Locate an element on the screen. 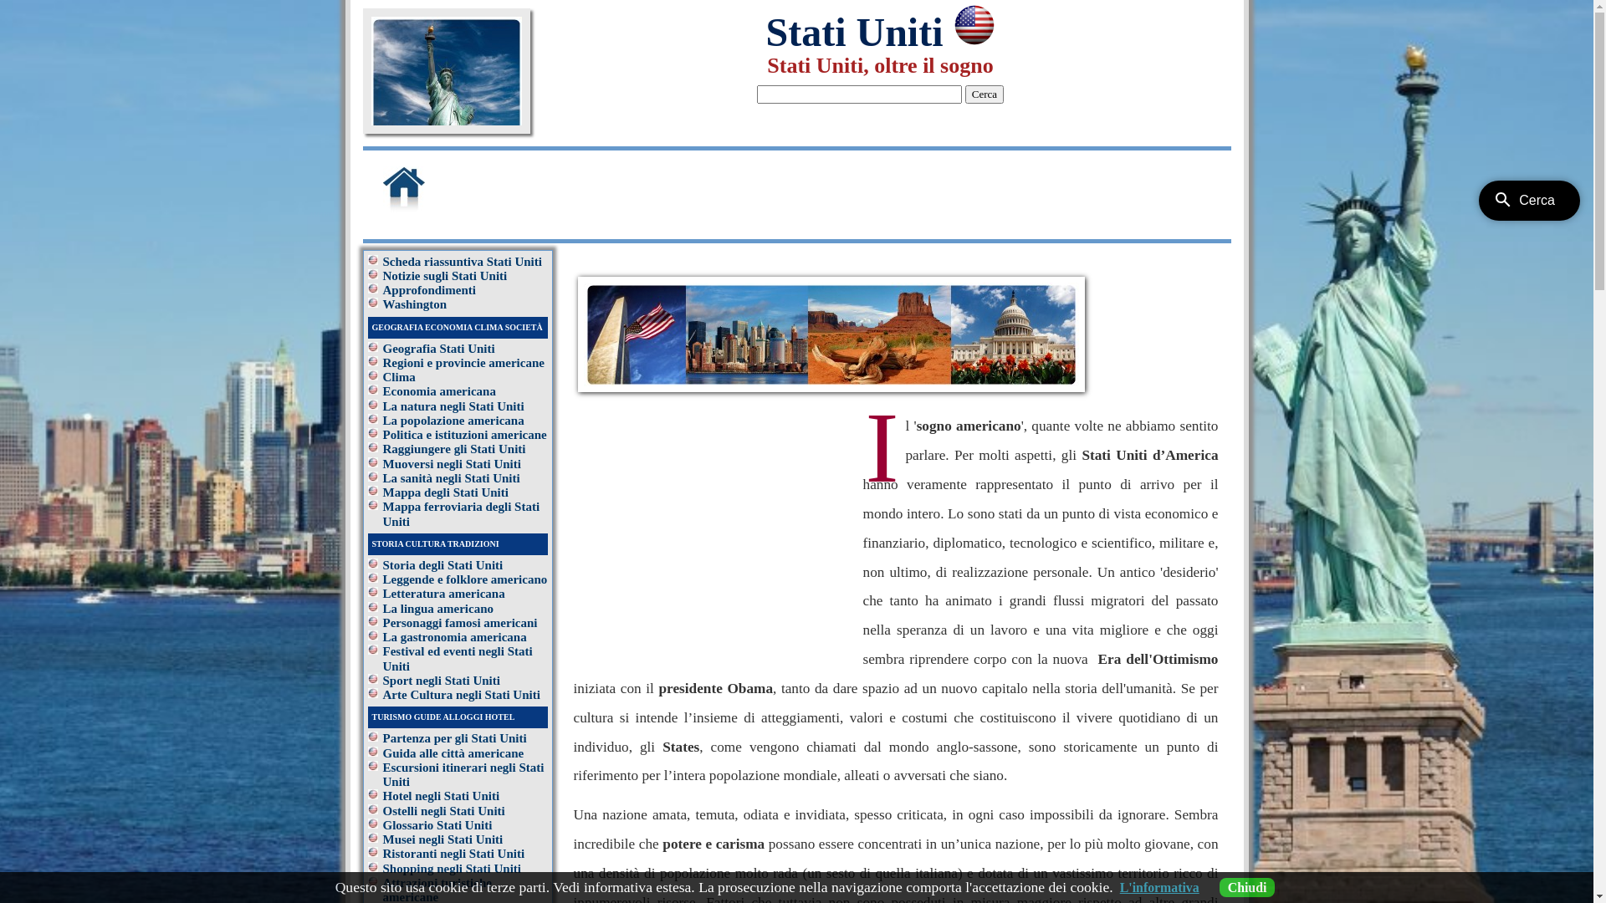  'Notizie sugli Stati Uniti' is located at coordinates (381, 275).